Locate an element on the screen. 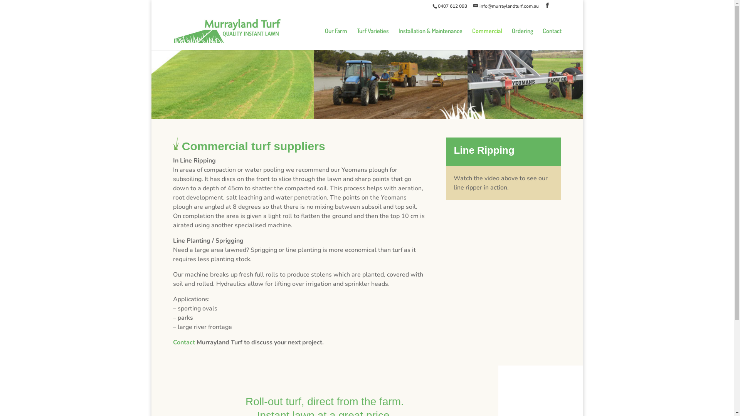  'Our Farm' is located at coordinates (335, 39).